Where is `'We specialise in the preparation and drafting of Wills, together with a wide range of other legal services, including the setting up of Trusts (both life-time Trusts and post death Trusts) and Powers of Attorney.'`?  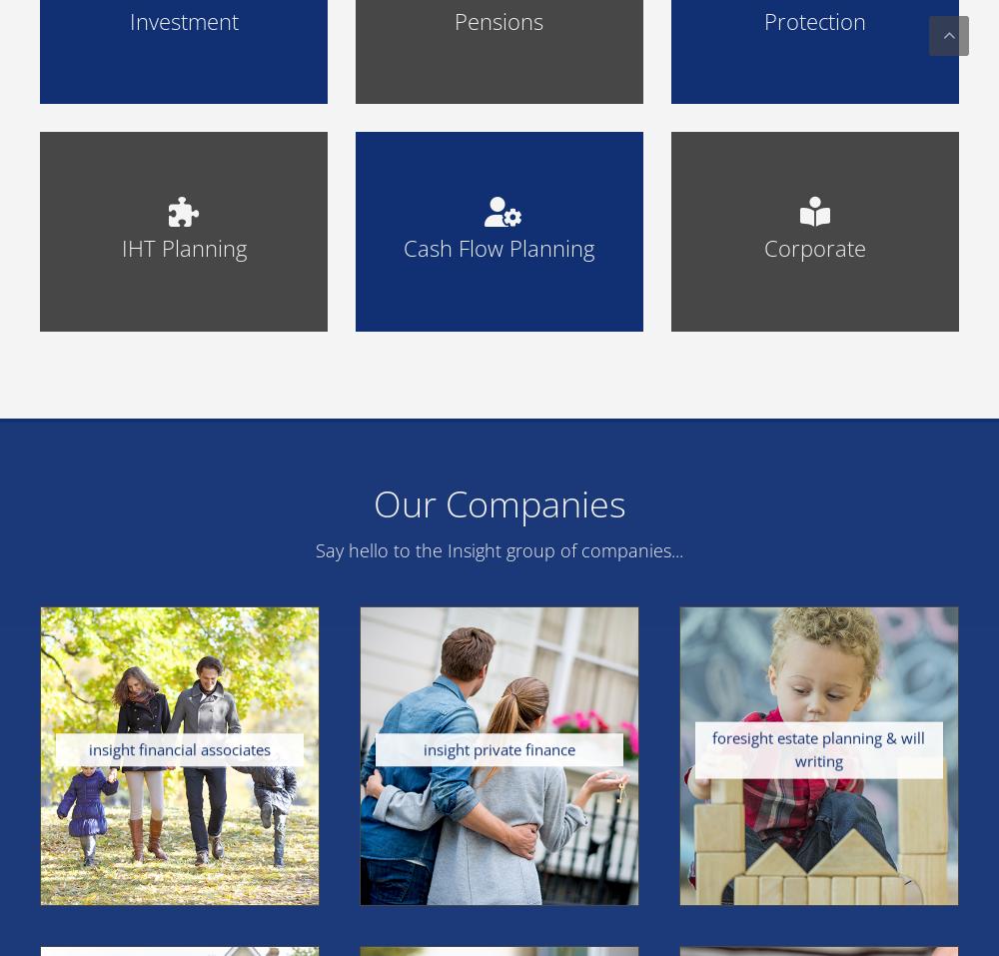 'We specialise in the preparation and drafting of Wills, together with a wide range of other legal services, including the setting up of Trusts (both life-time Trusts and post death Trusts) and Powers of Attorney.' is located at coordinates (817, 761).